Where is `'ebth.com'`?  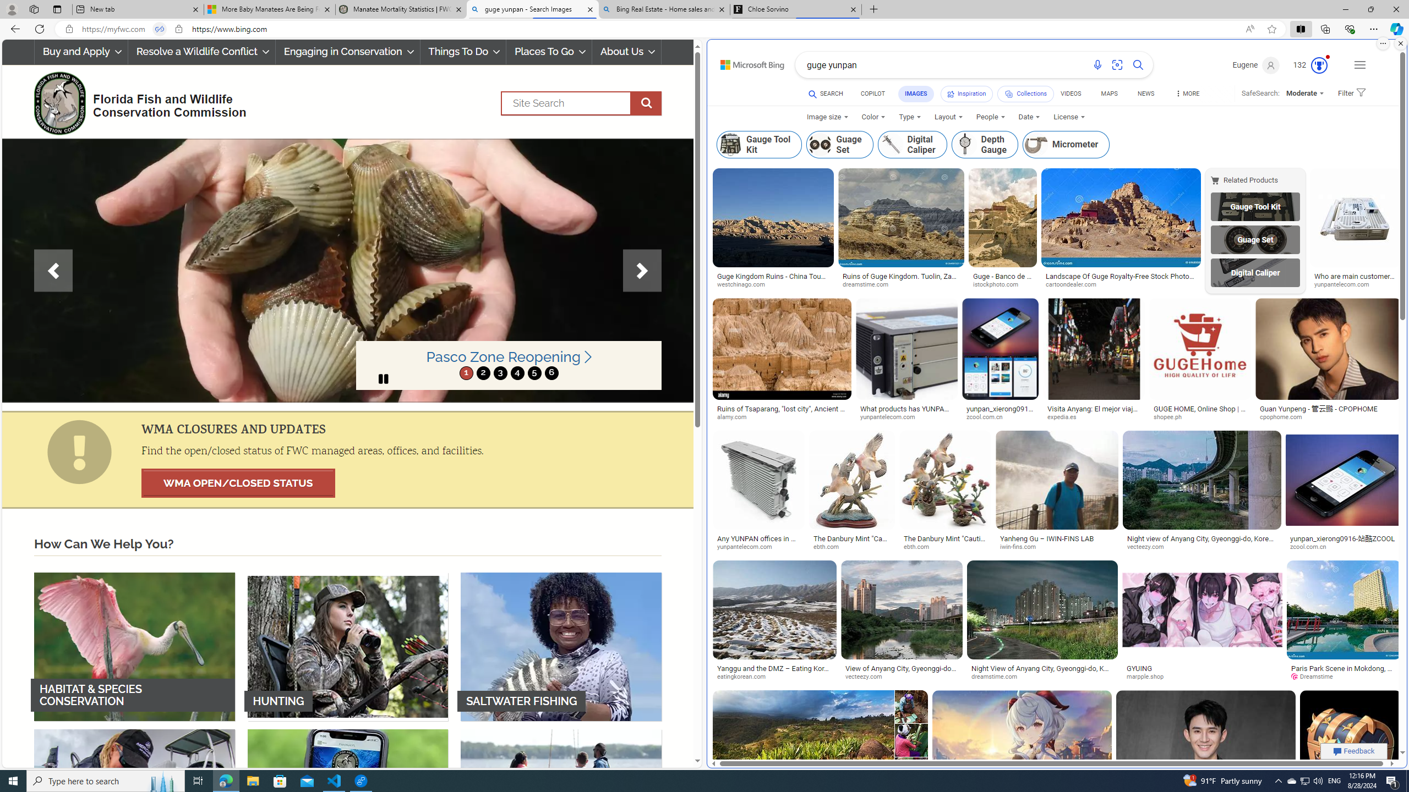 'ebth.com' is located at coordinates (944, 547).